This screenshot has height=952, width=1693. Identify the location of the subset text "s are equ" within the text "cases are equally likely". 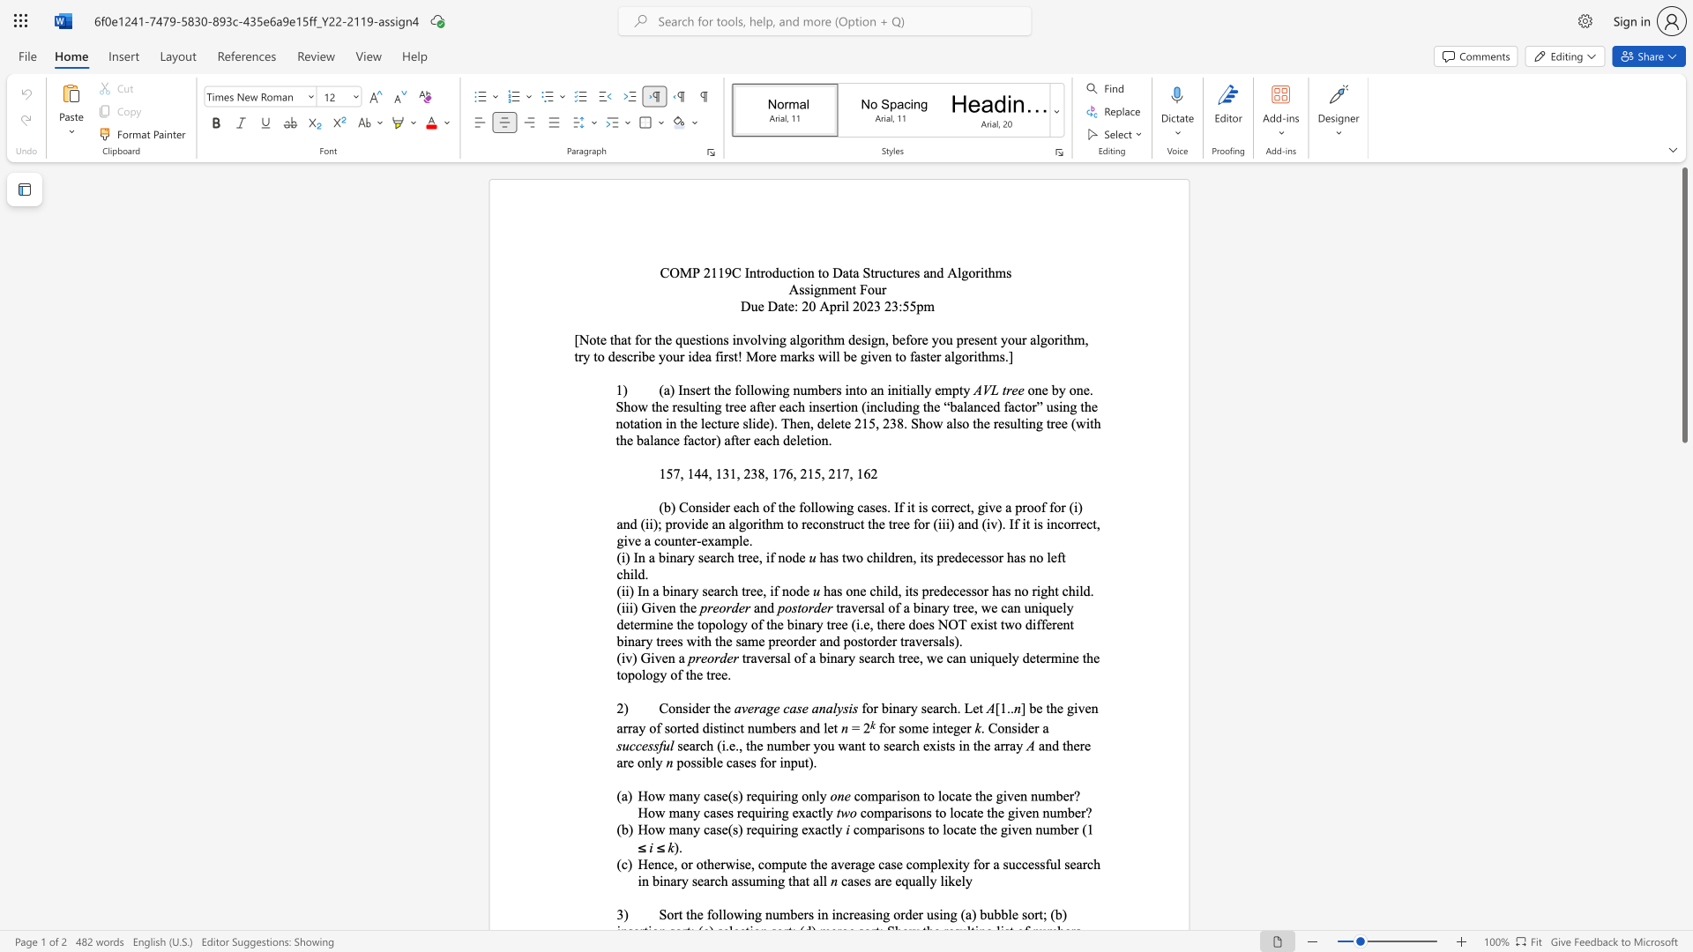
(865, 881).